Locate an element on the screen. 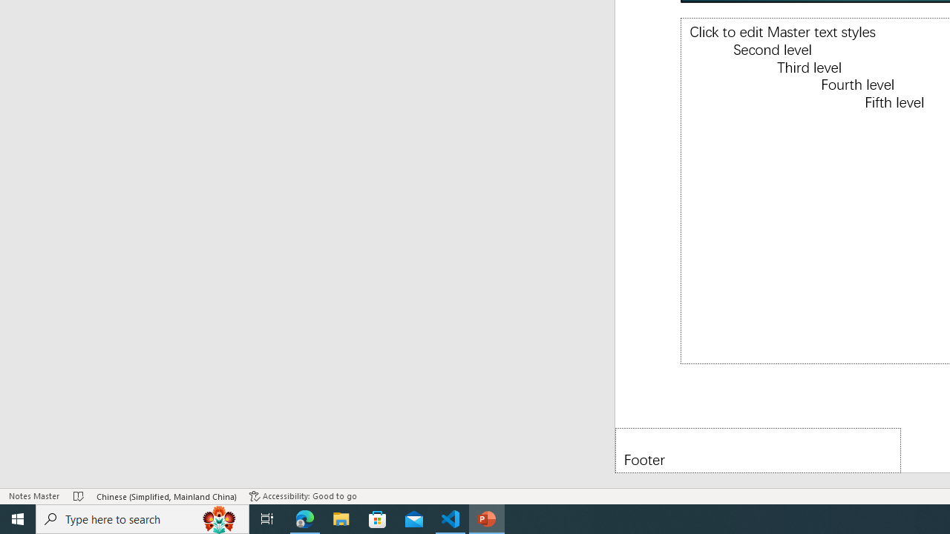 This screenshot has width=950, height=534. 'Accessibility Checker Accessibility: Good to go' is located at coordinates (302, 496).